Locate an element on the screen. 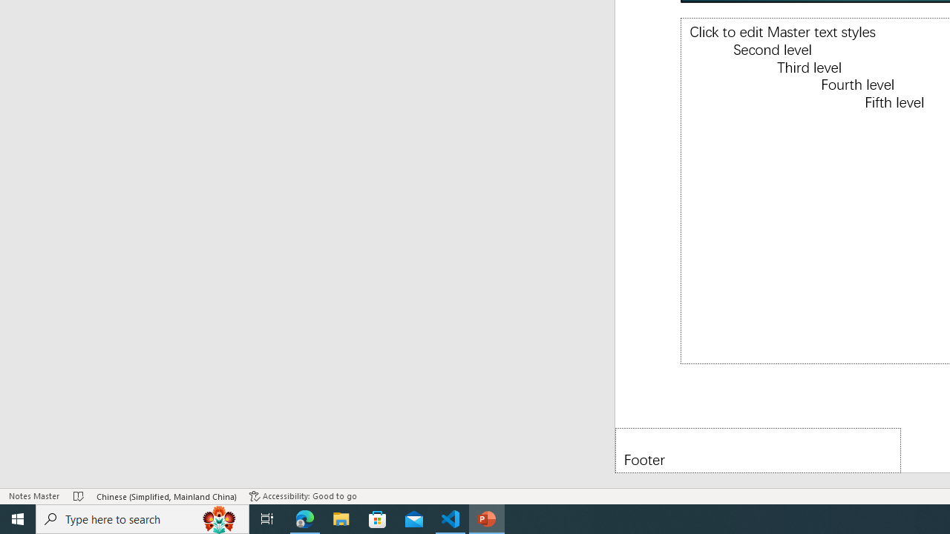 This screenshot has width=950, height=534. 'Accessibility Checker Accessibility: Good to go' is located at coordinates (302, 496).